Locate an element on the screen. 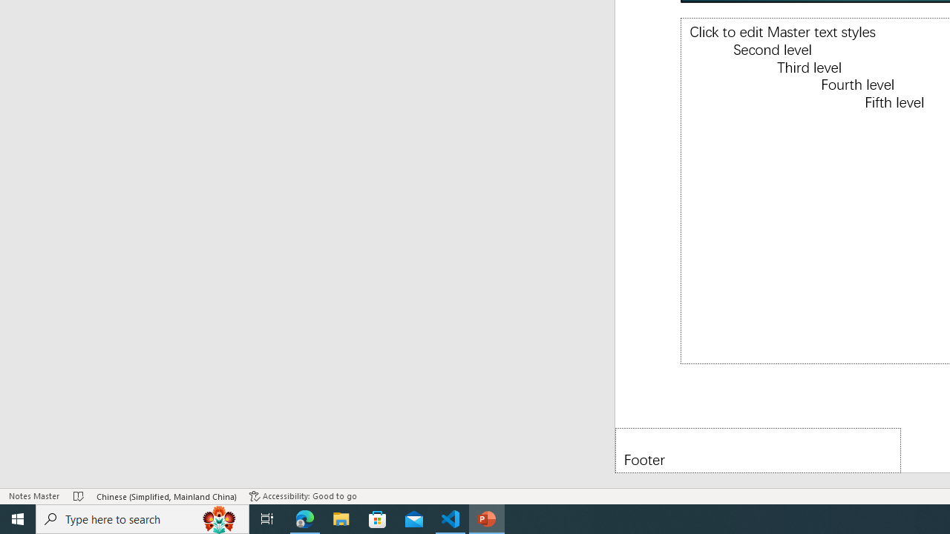 This screenshot has width=950, height=534. 'Accessibility Checker Accessibility: Good to go' is located at coordinates (302, 496).